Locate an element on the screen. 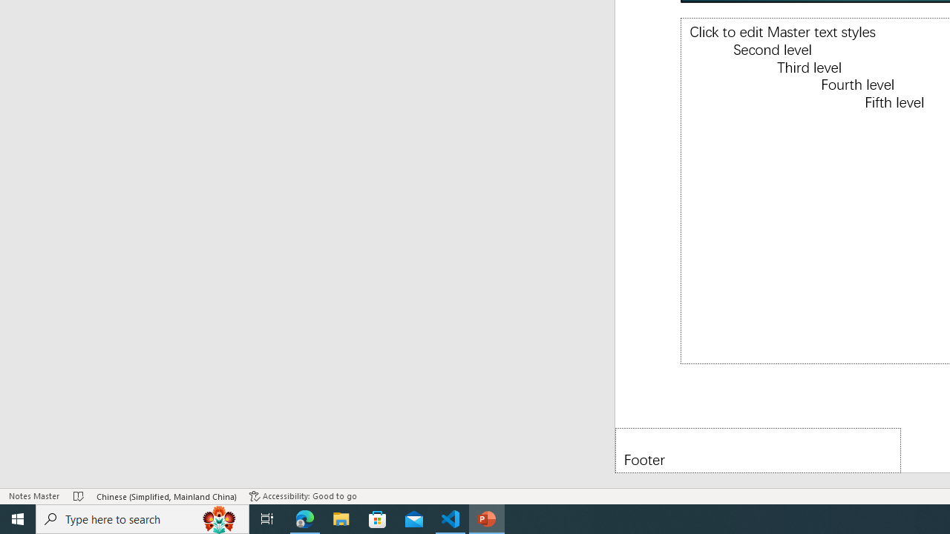 This screenshot has width=950, height=534. 'Accessibility Checker Accessibility: Good to go' is located at coordinates (302, 496).